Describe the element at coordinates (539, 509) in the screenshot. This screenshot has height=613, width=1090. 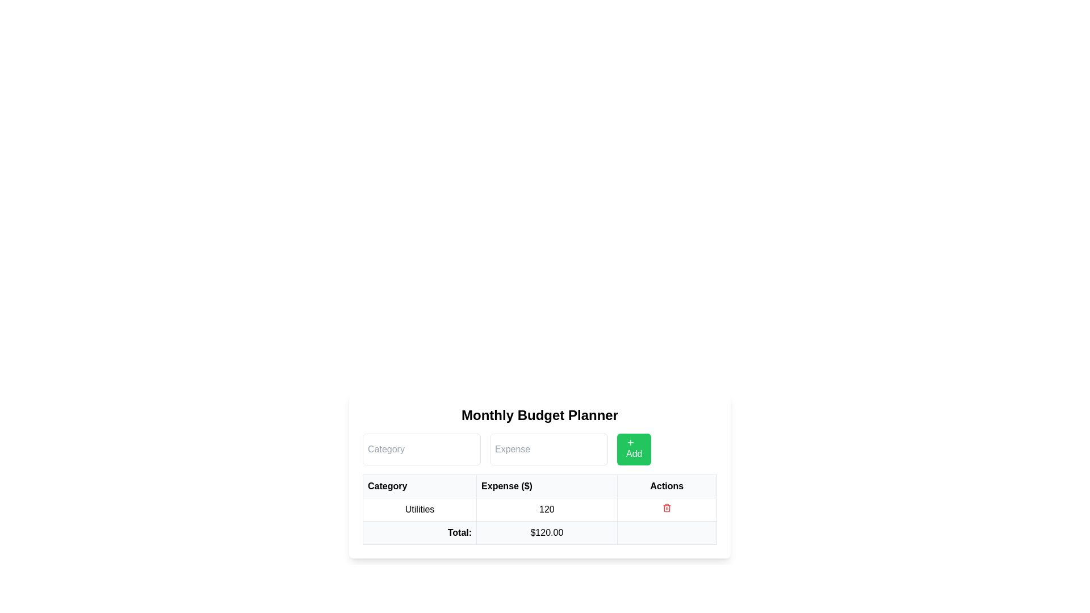
I see `the table displaying 'Utilities', '120', and the delete icon` at that location.